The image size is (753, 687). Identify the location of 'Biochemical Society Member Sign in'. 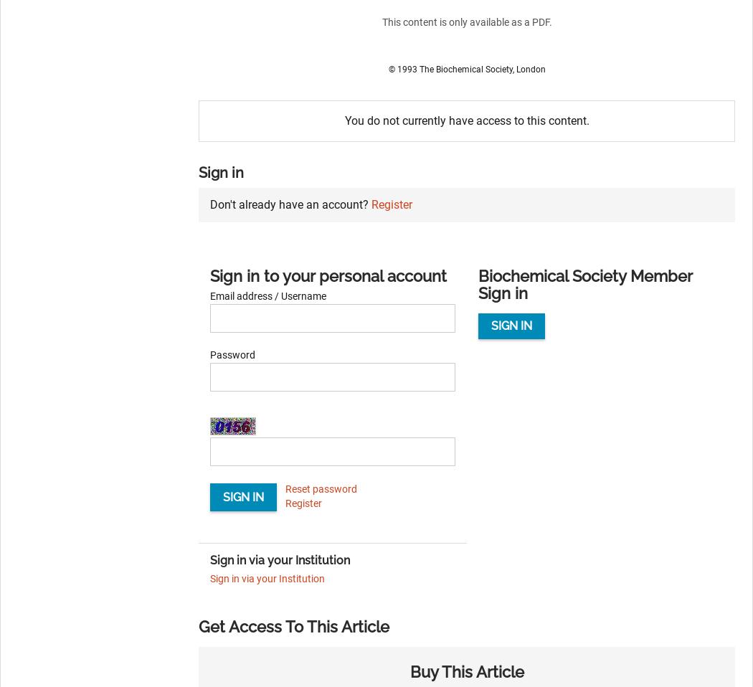
(477, 283).